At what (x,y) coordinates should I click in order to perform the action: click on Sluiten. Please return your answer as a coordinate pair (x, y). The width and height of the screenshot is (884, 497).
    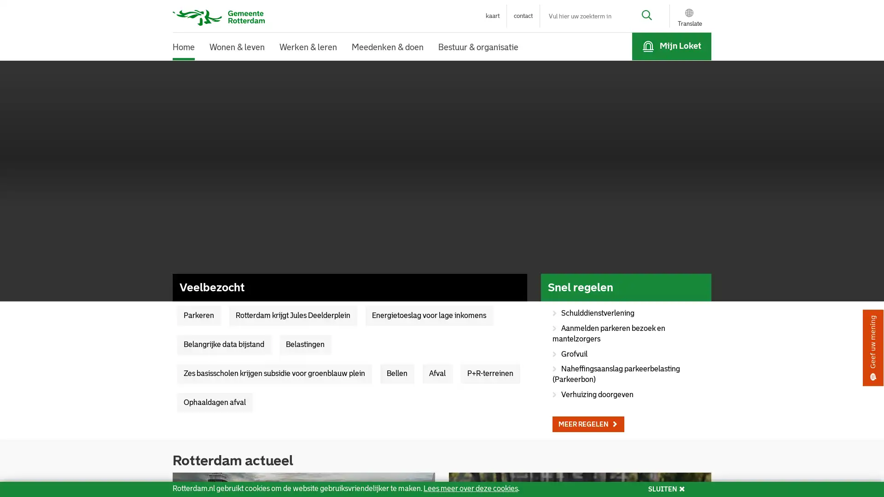
    Looking at the image, I should click on (571, 25).